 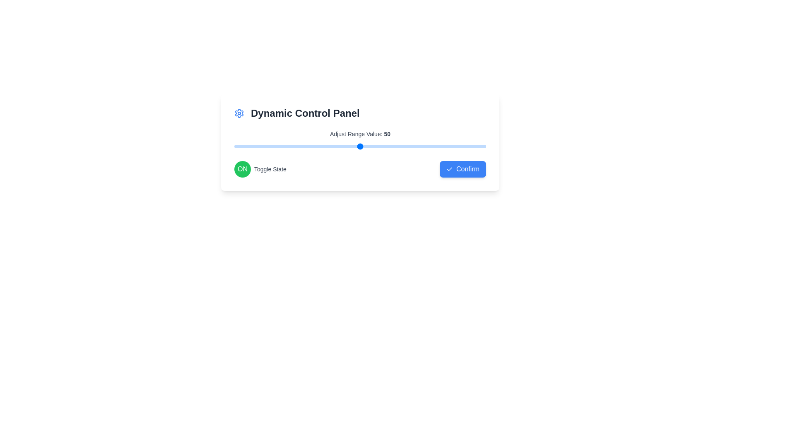 What do you see at coordinates (370, 146) in the screenshot?
I see `the range value` at bounding box center [370, 146].